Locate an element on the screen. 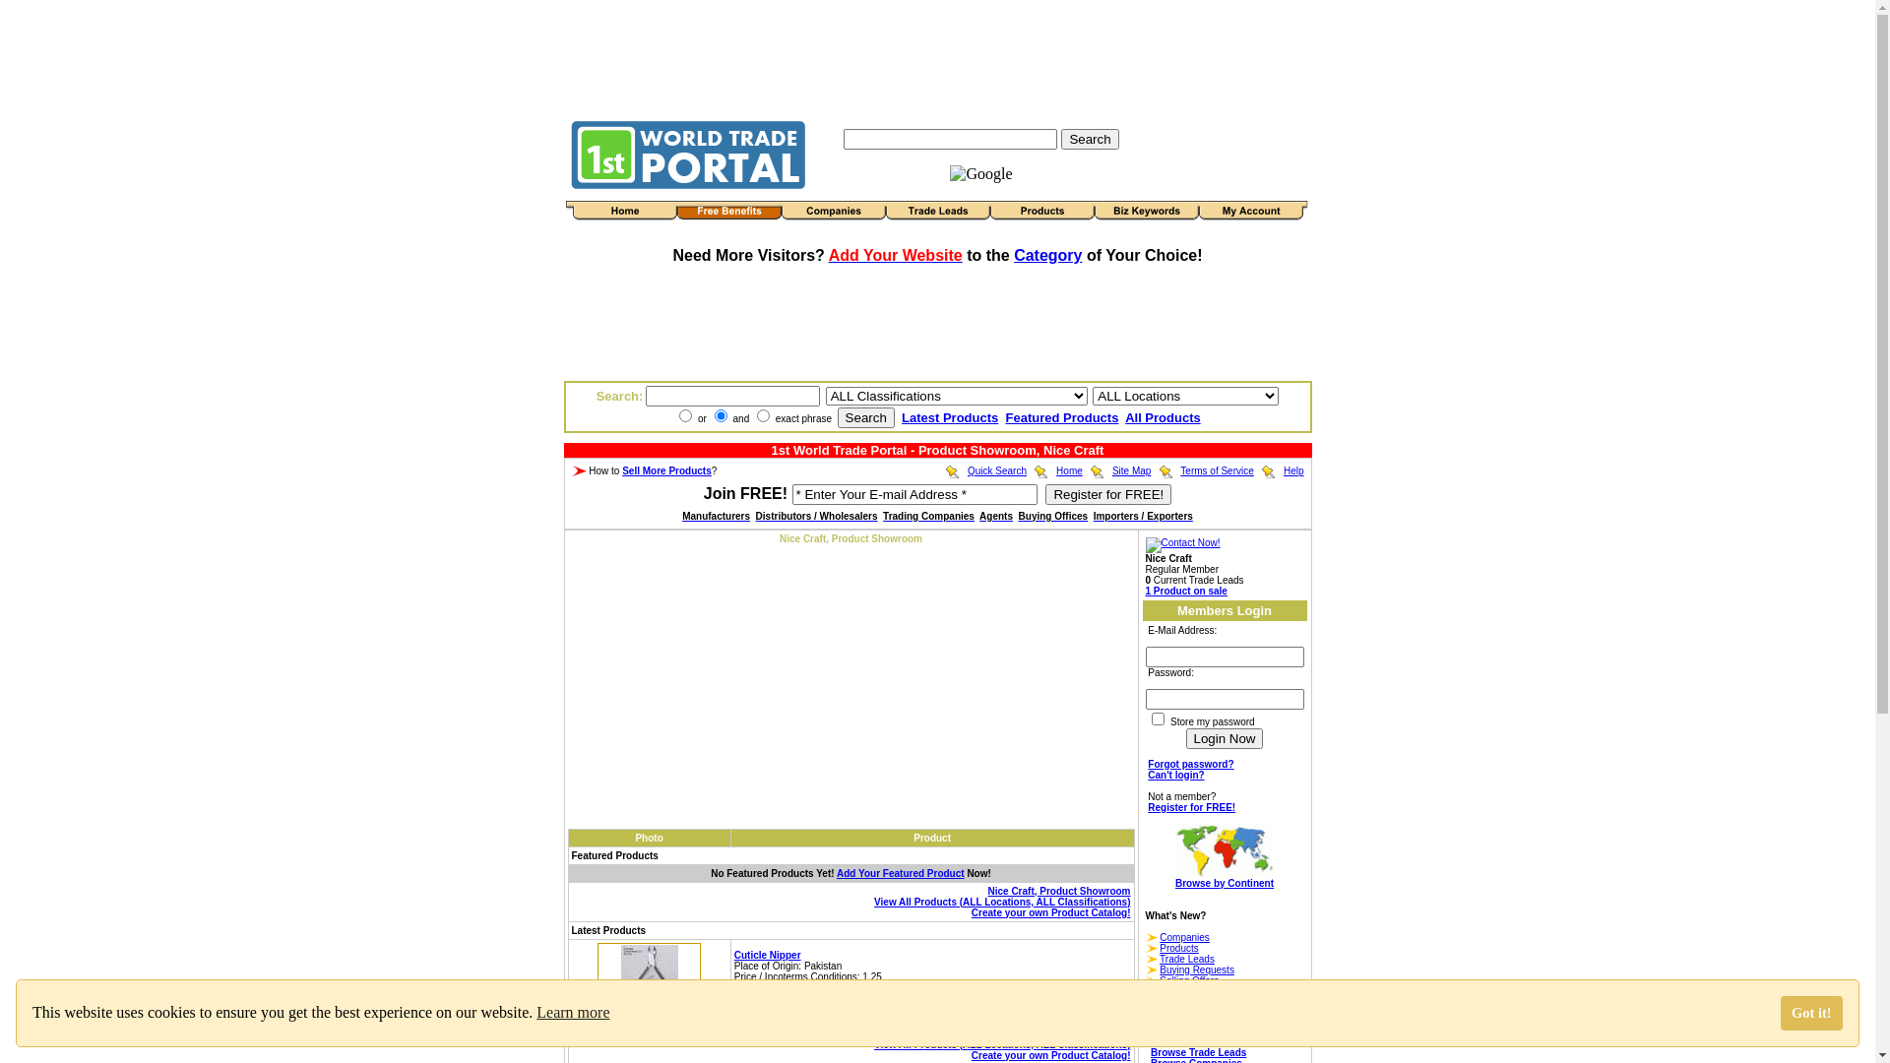 Image resolution: width=1890 pixels, height=1063 pixels. 'Trading Companies' is located at coordinates (927, 515).